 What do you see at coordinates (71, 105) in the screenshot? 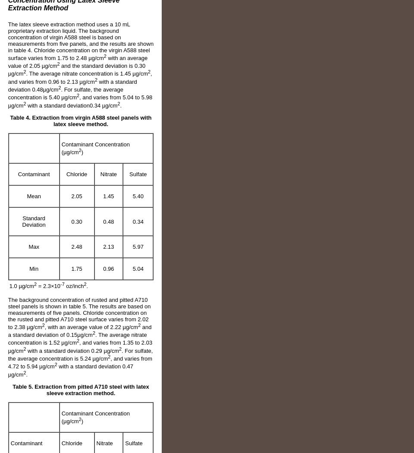
I see `'with a standard deviation0.34 µg/cm'` at bounding box center [71, 105].